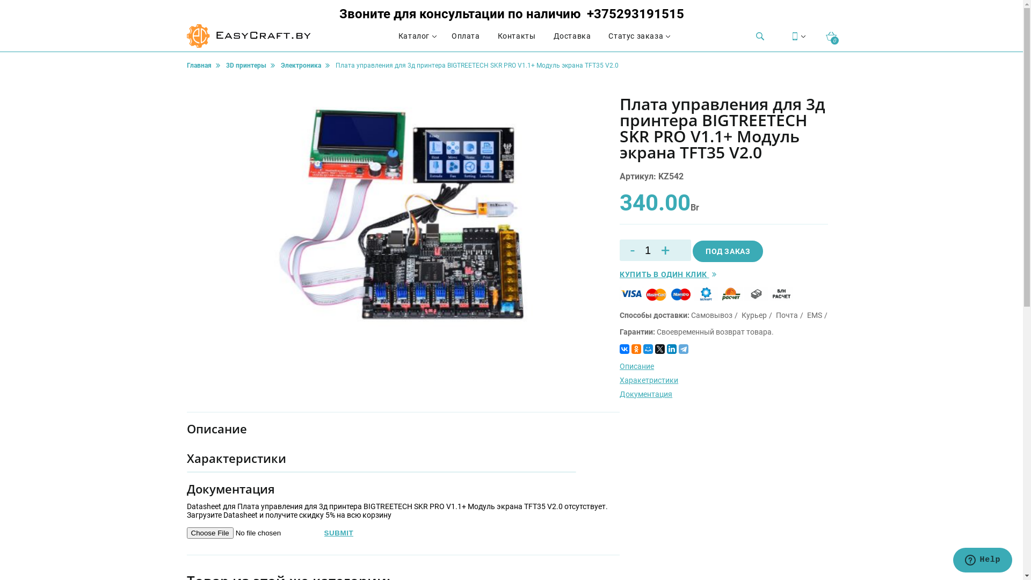 Image resolution: width=1031 pixels, height=580 pixels. I want to click on 'Telegram', so click(683, 349).